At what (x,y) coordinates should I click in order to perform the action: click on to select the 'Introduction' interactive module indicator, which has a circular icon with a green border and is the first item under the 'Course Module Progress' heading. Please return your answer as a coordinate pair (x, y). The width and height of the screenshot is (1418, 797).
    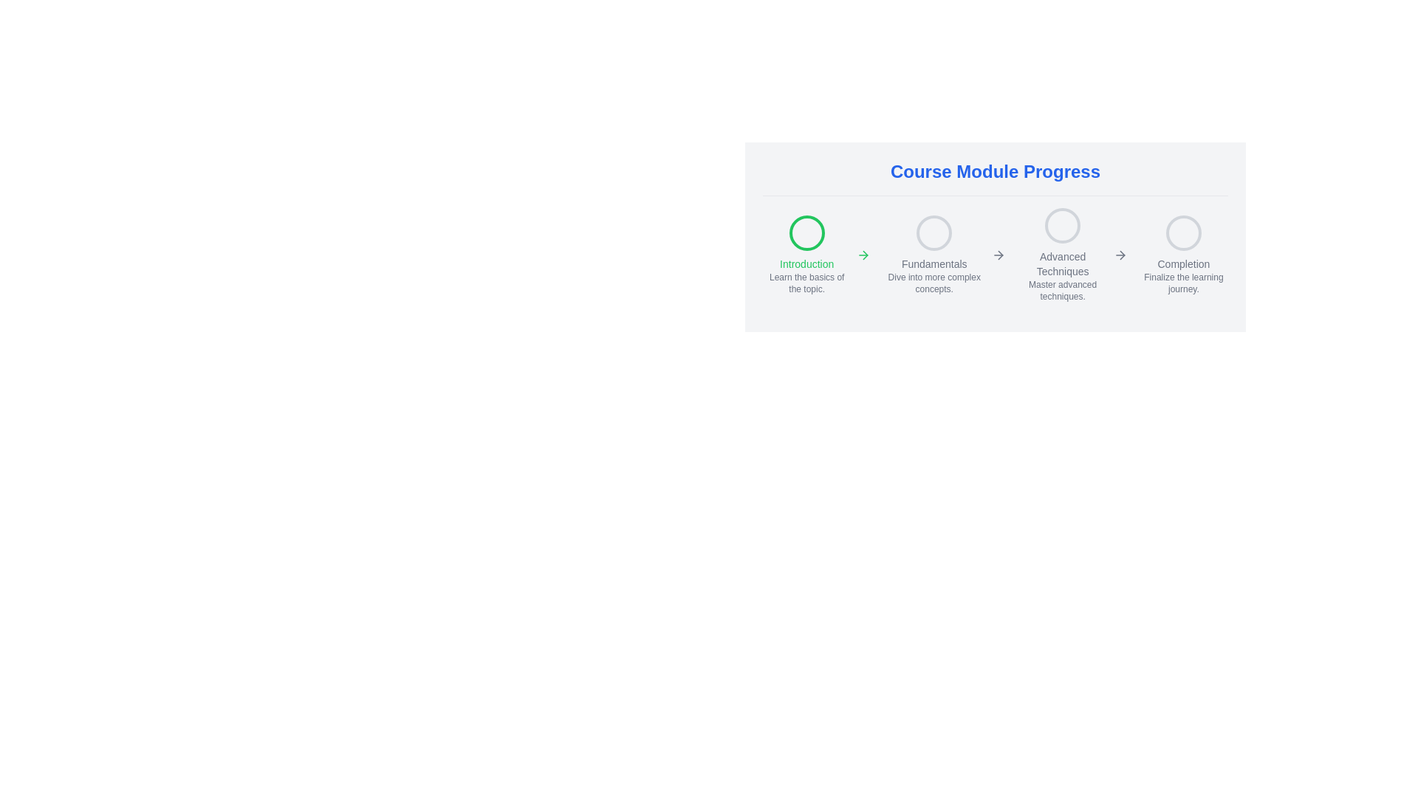
    Looking at the image, I should click on (816, 255).